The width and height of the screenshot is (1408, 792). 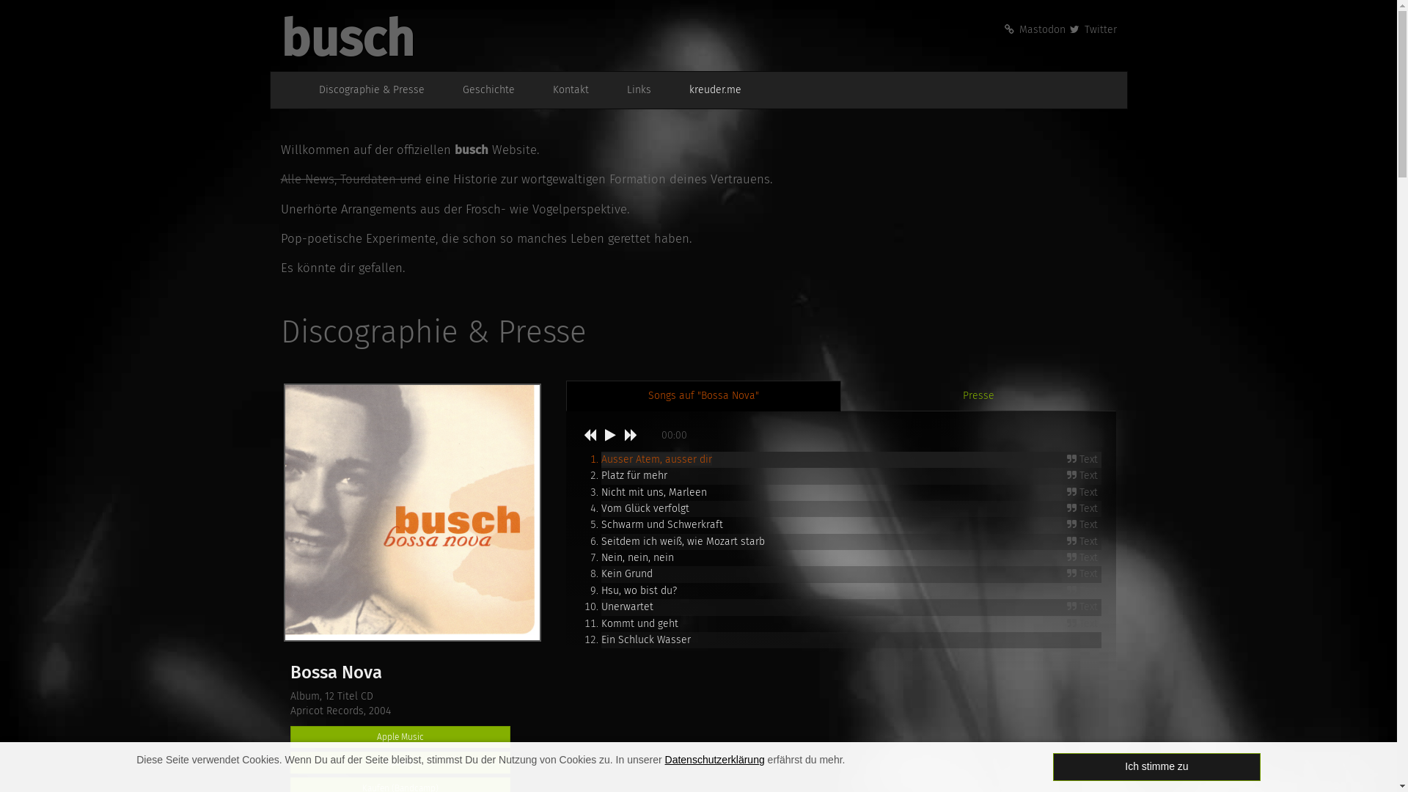 I want to click on 'Songs auf "Bossa Nova"', so click(x=703, y=396).